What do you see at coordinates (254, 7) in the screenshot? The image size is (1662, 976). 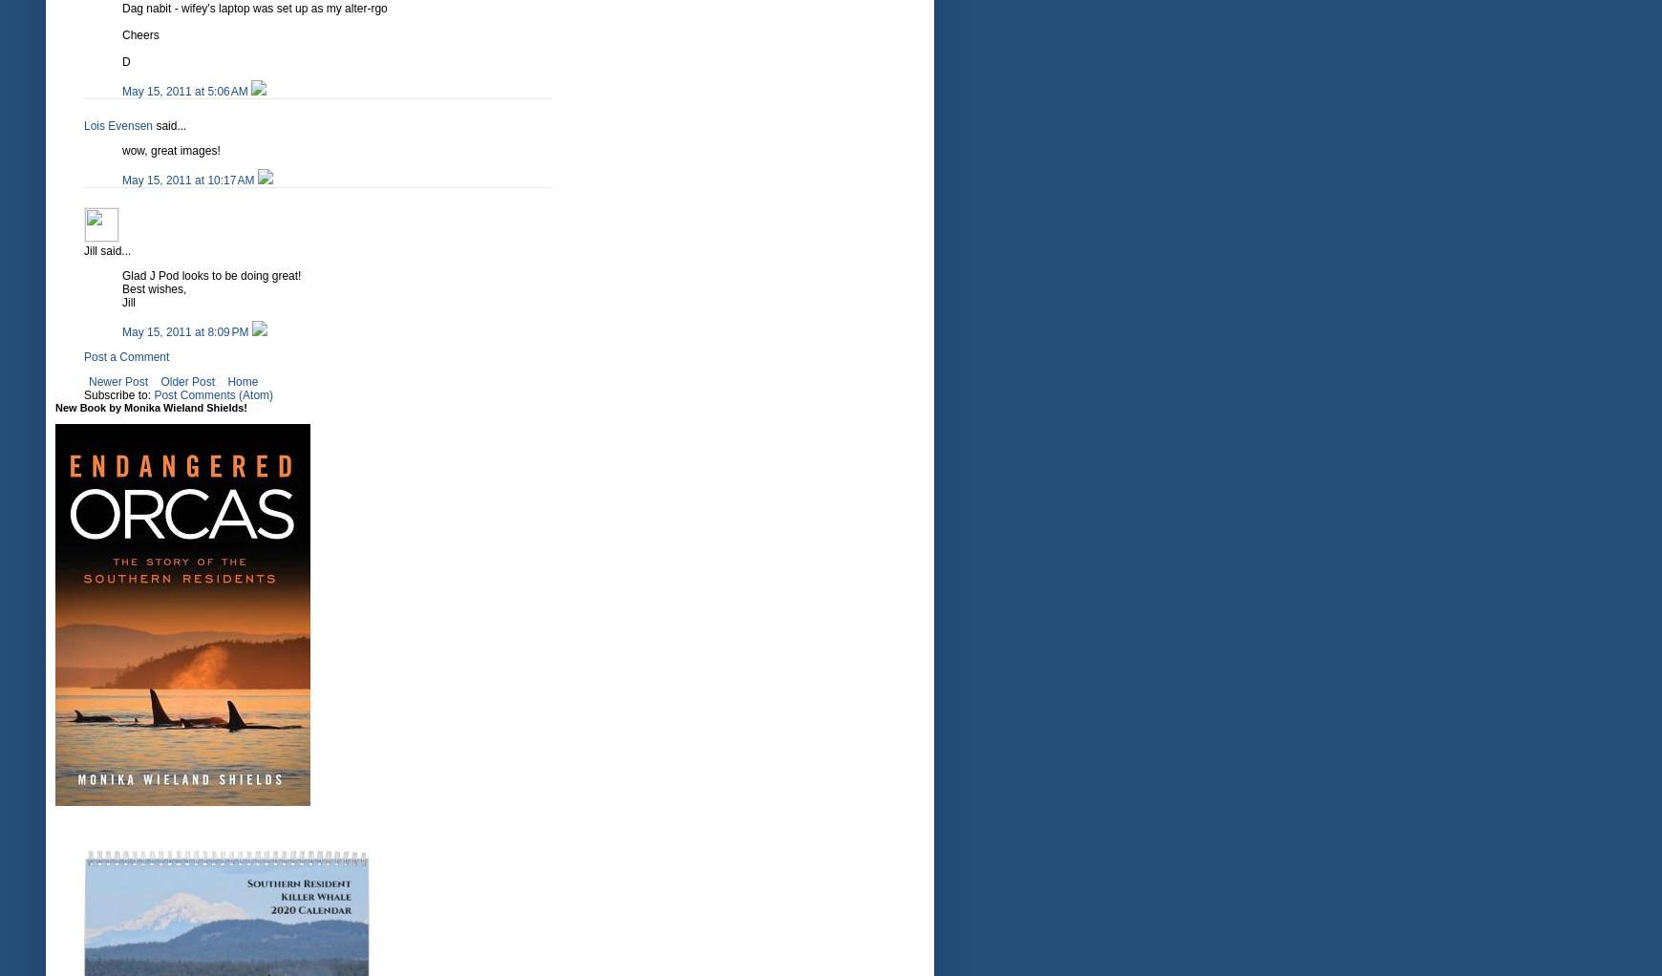 I see `'Dag nabit - wifey's laptop was set up as my alter-rgo'` at bounding box center [254, 7].